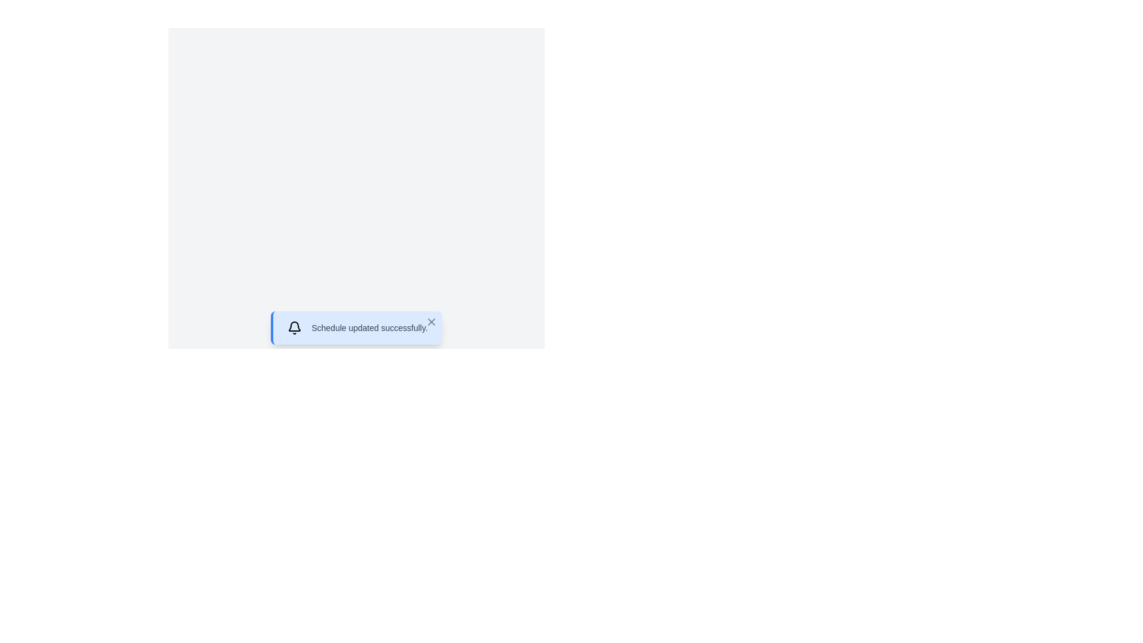 The height and width of the screenshot is (643, 1143). Describe the element at coordinates (430, 321) in the screenshot. I see `the close button of the alert to dismiss it` at that location.